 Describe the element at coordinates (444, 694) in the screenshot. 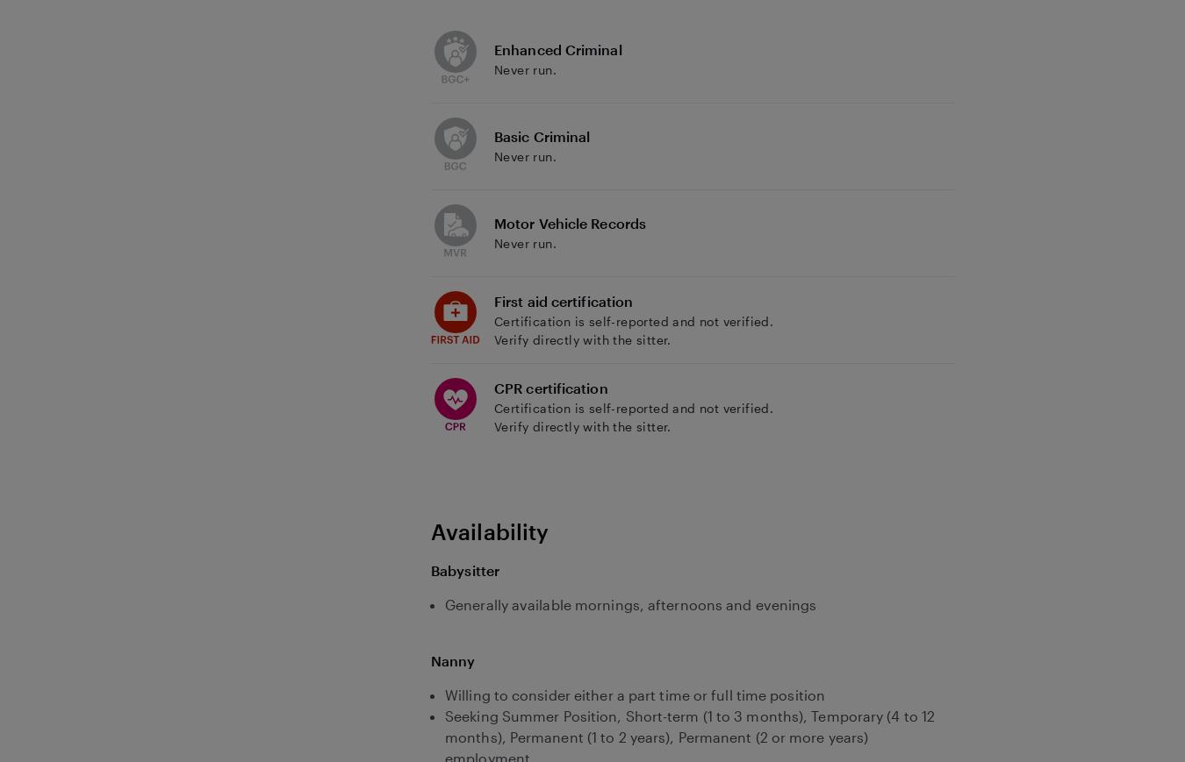

I see `'Willing to consider either a part time or full time position'` at that location.